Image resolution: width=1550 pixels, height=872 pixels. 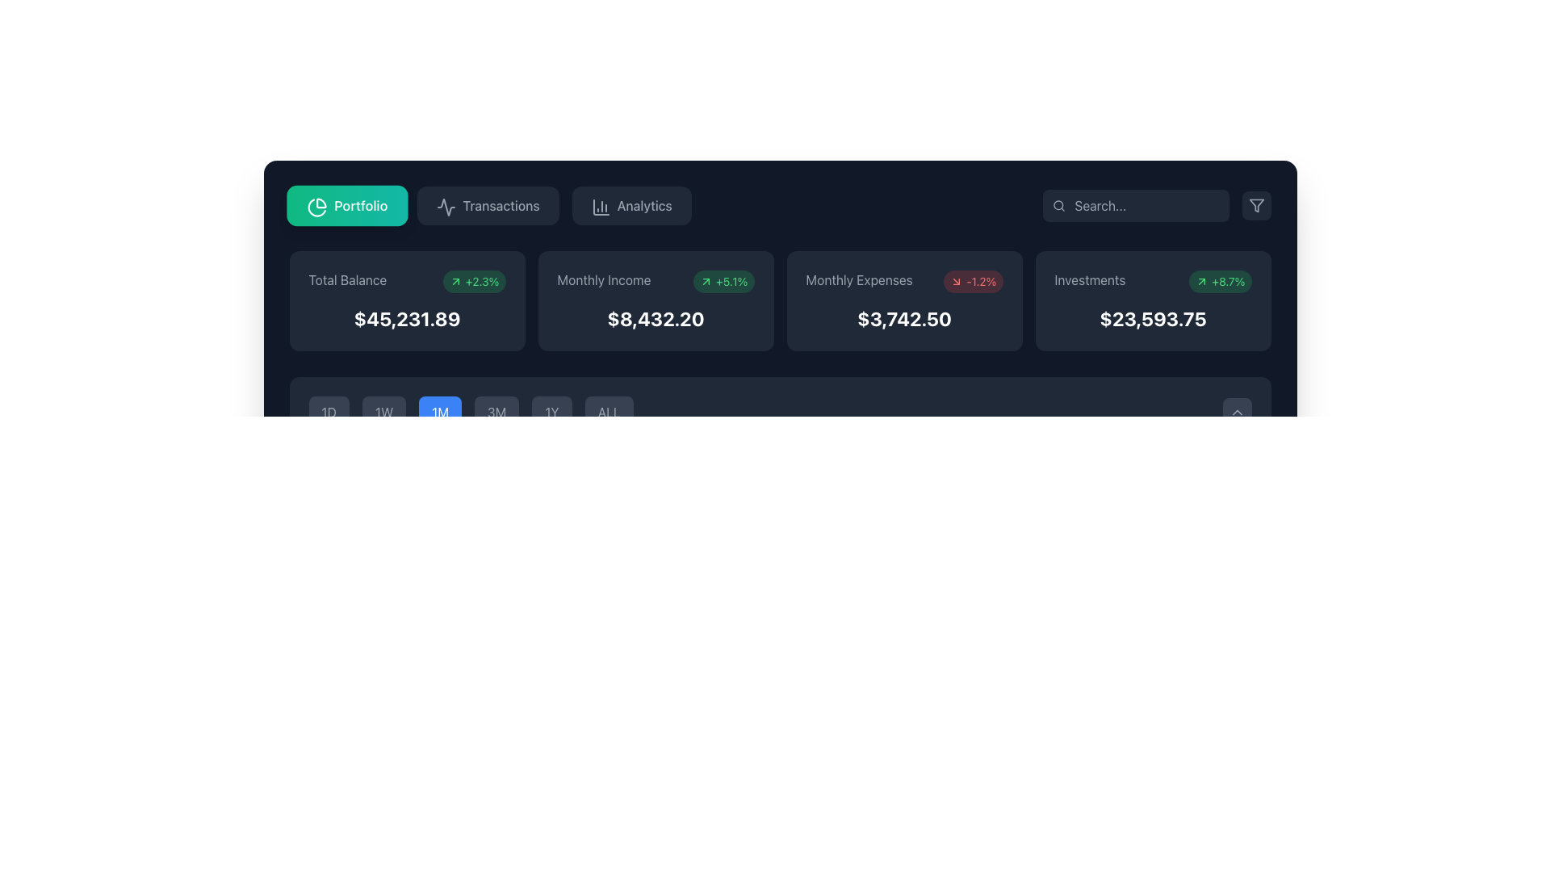 I want to click on the 'Transactions' button, which contains an icon representing activity or trend visualization, so click(x=446, y=207).